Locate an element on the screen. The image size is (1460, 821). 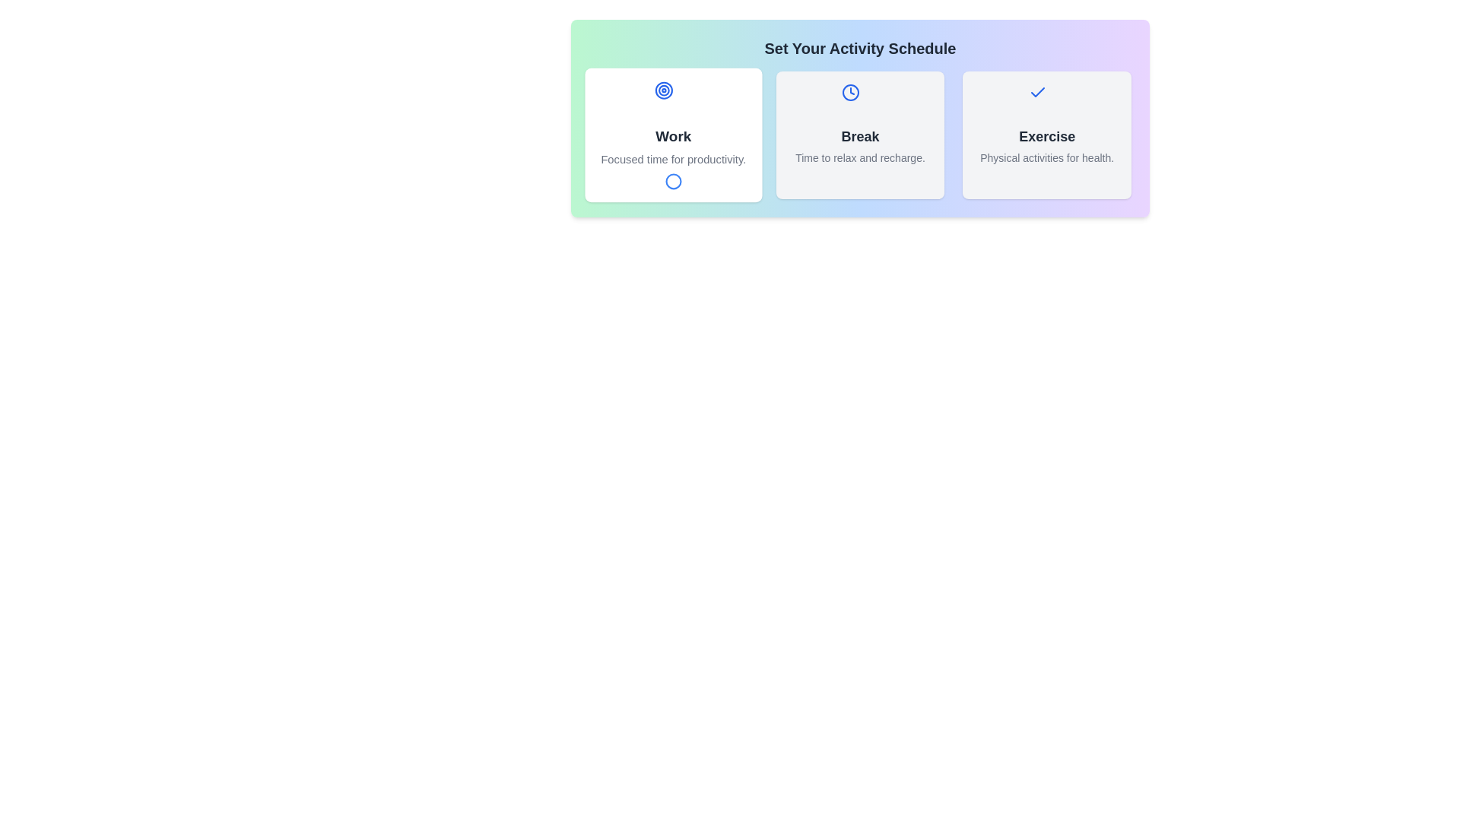
the state or color of the small blue checkmark icon located at the top right corner of the 'Exercise' card, which is the last card in a three-card layout under 'Set Your Activity Schedule' is located at coordinates (1037, 92).